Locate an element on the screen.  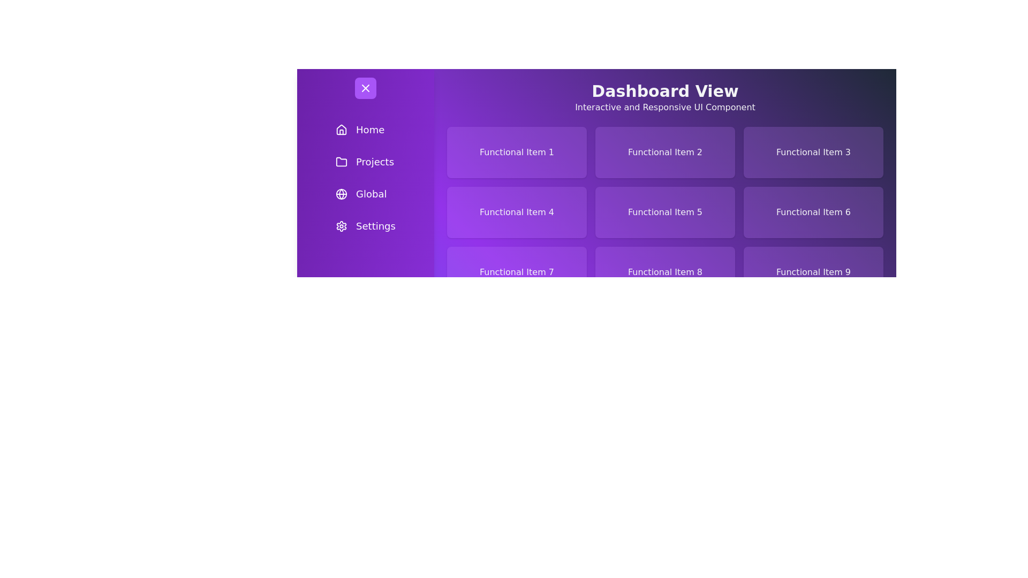
the menu item labeled 'Settings' to observe its hover effect is located at coordinates (365, 226).